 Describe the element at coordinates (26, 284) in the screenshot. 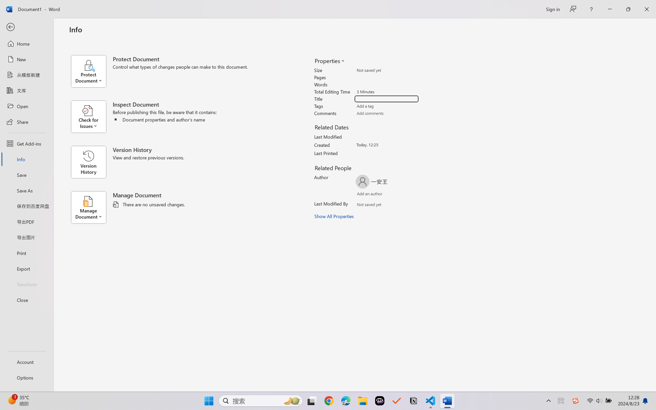

I see `'Transform'` at that location.